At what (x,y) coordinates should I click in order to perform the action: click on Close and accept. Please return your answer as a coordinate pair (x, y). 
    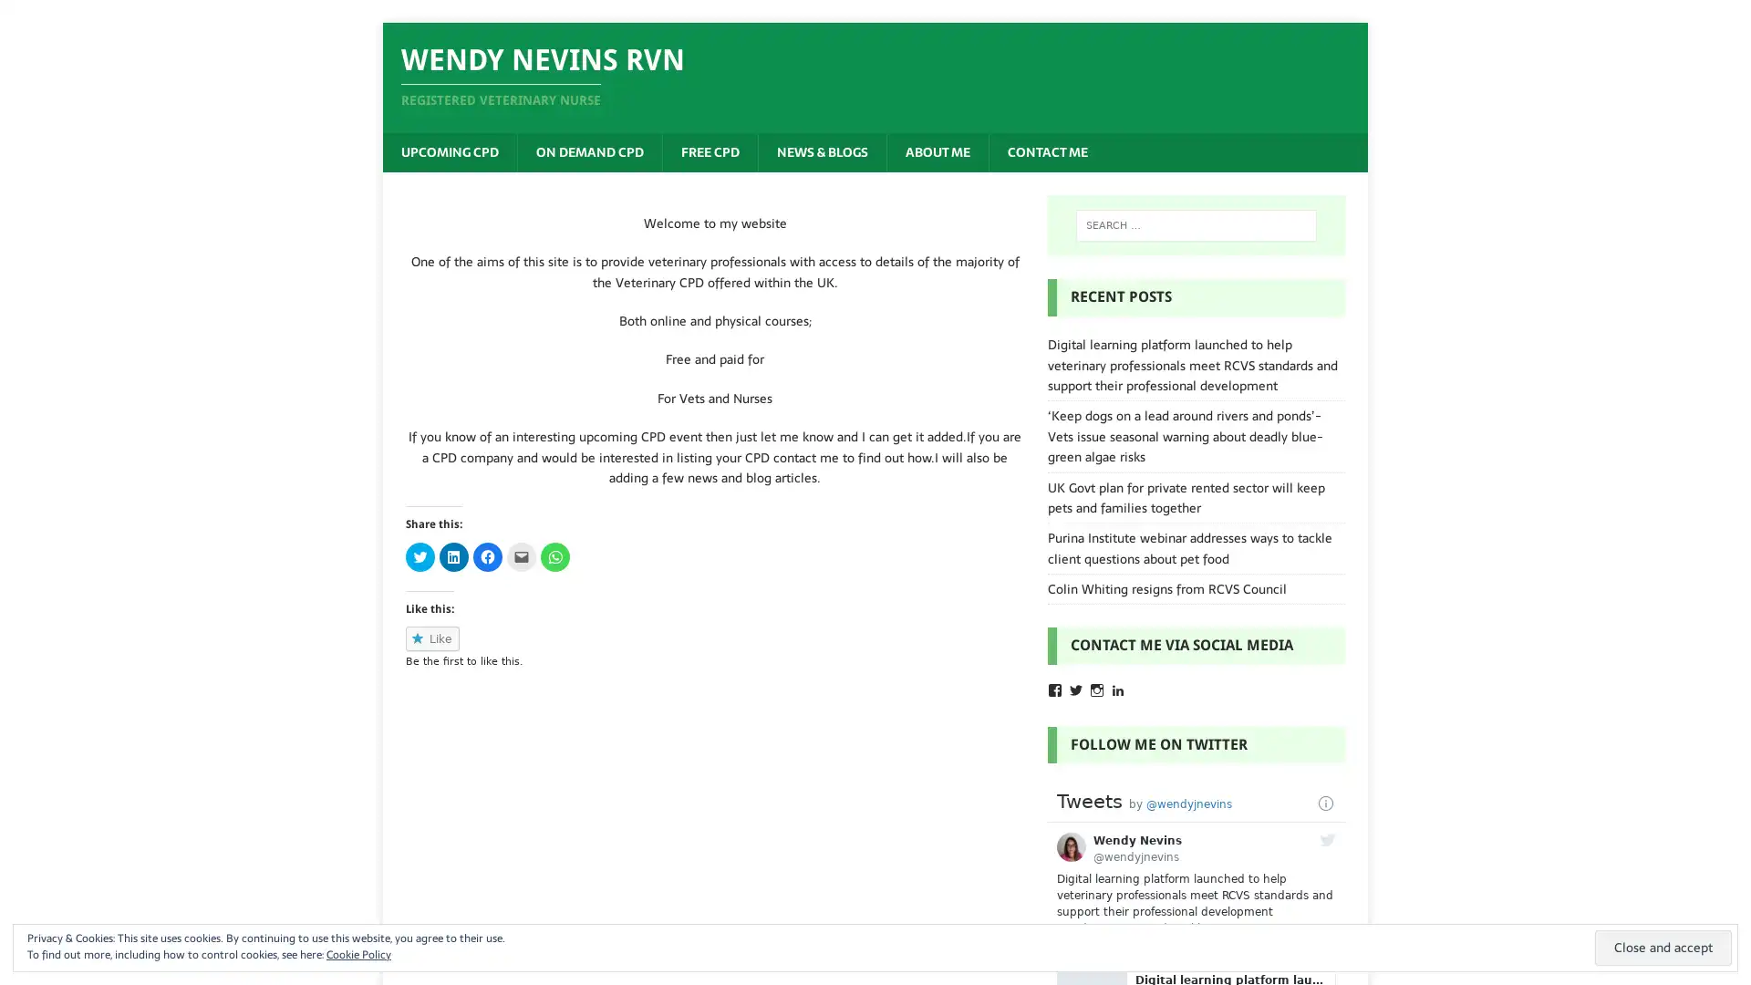
    Looking at the image, I should click on (1663, 947).